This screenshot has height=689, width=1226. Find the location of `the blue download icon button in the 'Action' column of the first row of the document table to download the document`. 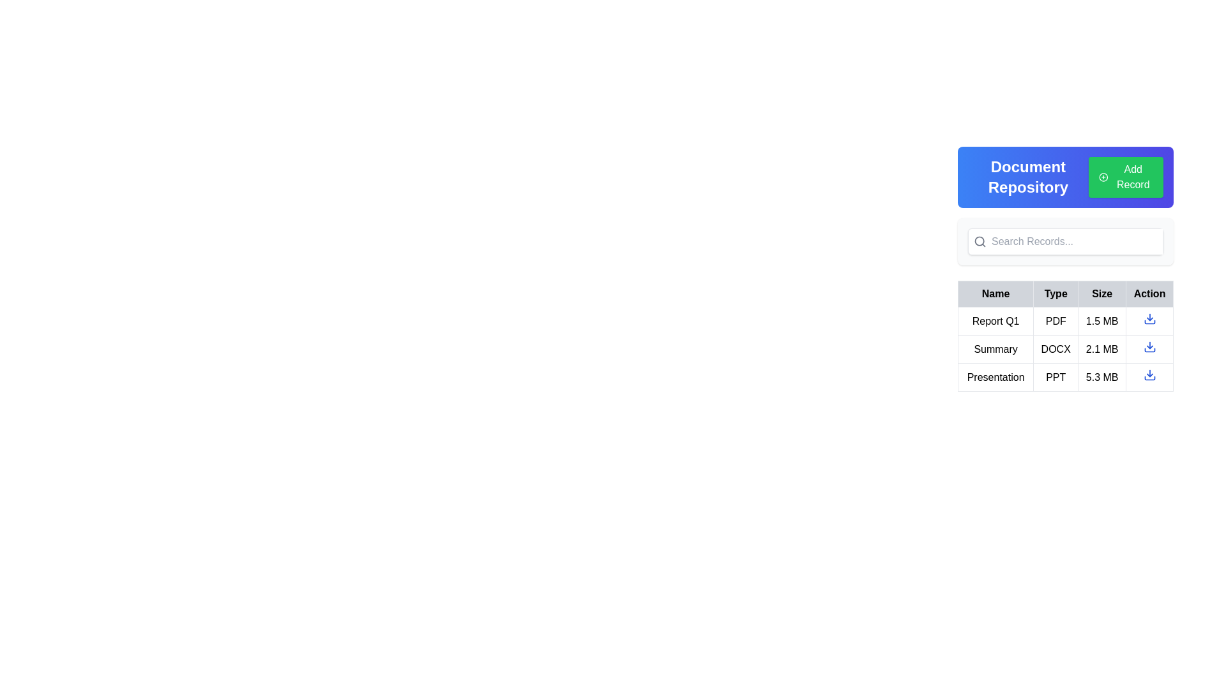

the blue download icon button in the 'Action' column of the first row of the document table to download the document is located at coordinates (1149, 318).